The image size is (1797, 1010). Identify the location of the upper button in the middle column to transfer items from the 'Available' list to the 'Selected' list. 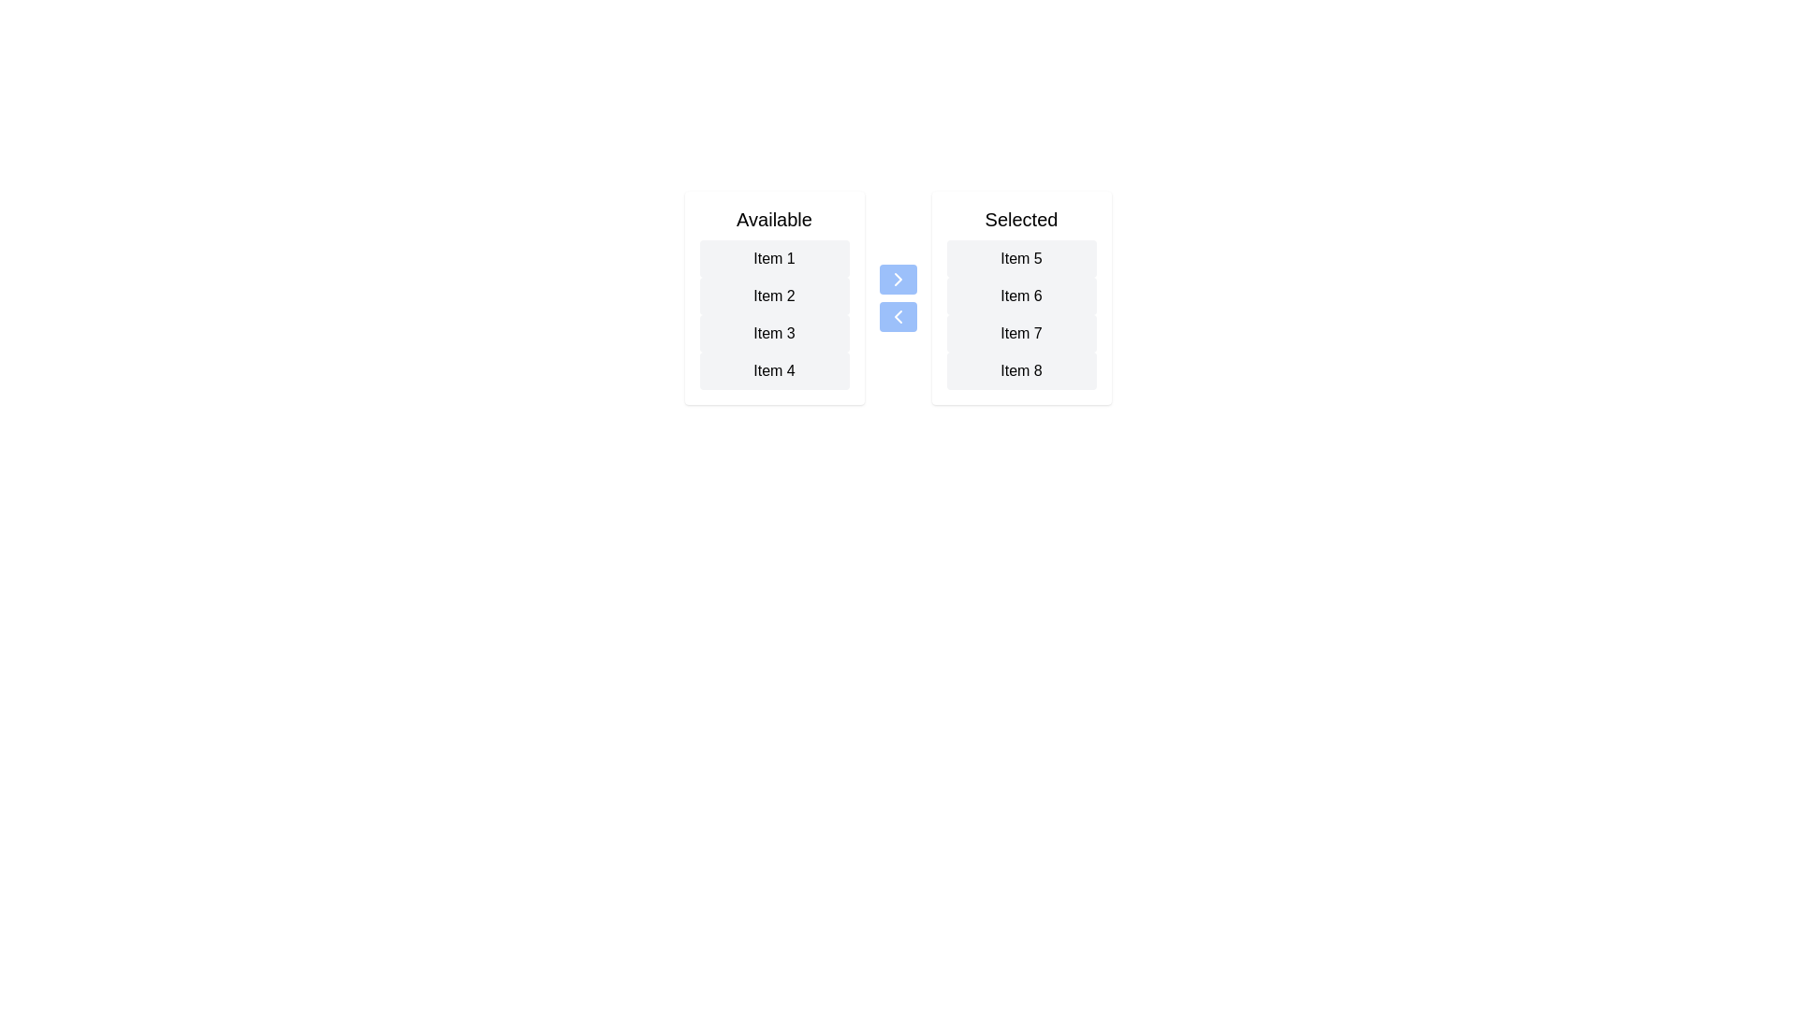
(897, 280).